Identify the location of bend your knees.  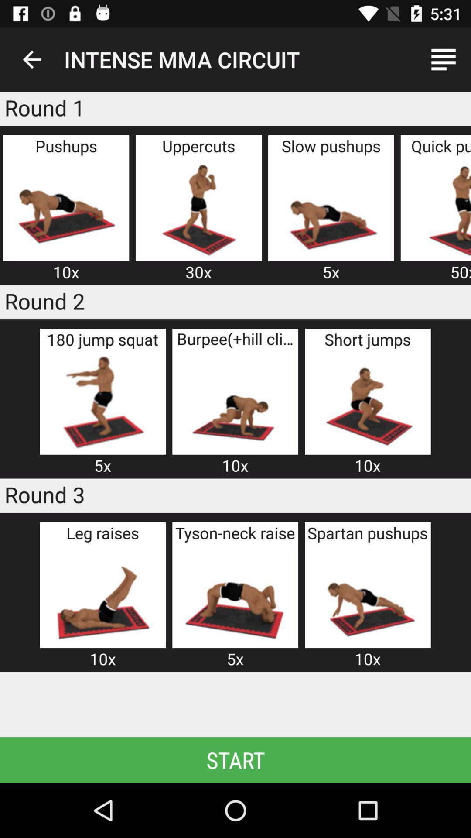
(102, 402).